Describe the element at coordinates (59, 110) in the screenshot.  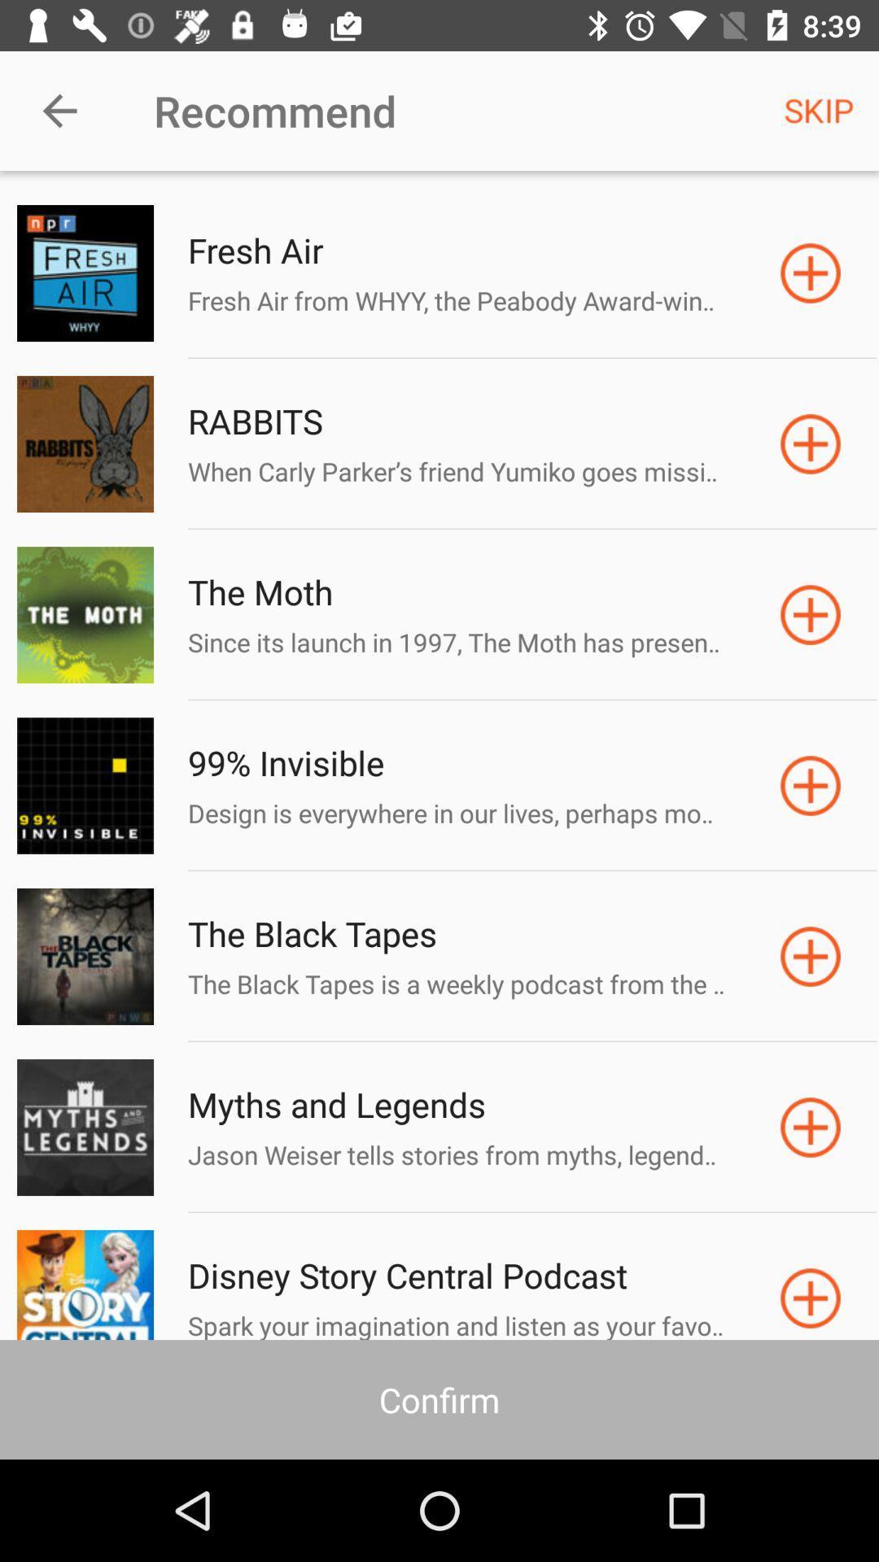
I see `the item to the left of recommend icon` at that location.